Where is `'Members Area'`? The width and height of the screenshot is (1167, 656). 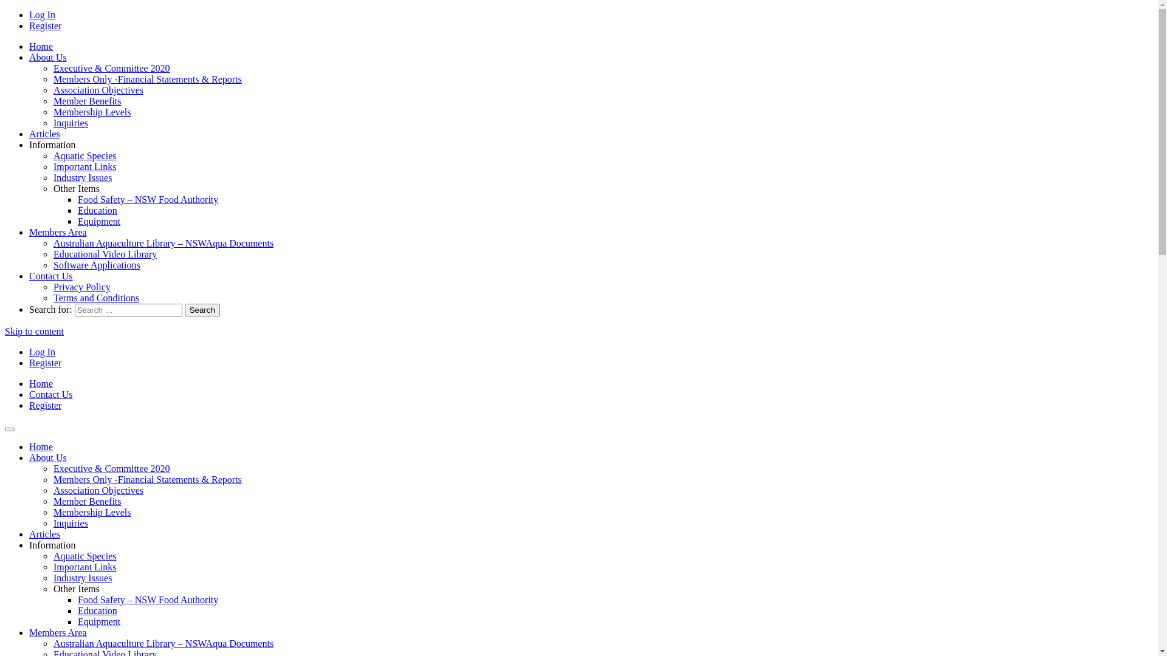
'Members Area' is located at coordinates (57, 632).